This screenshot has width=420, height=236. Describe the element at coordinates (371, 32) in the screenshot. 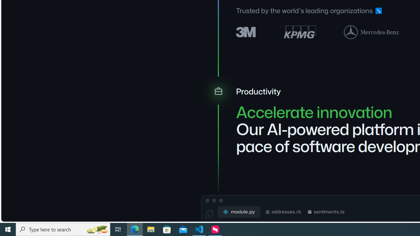

I see `'Mercedes-Benz logo'` at that location.